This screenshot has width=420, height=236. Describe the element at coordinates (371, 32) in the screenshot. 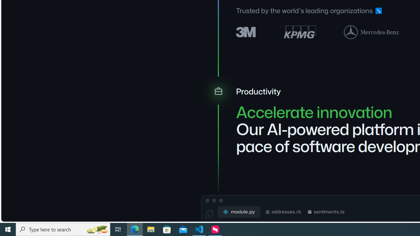

I see `'Mercedes-Benz logo'` at that location.